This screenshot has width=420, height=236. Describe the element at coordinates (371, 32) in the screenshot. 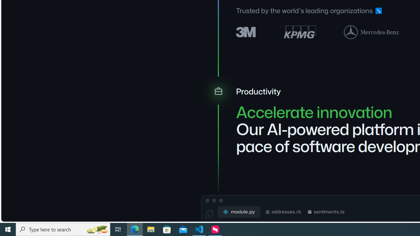

I see `'Mercedes-Benz logo'` at that location.